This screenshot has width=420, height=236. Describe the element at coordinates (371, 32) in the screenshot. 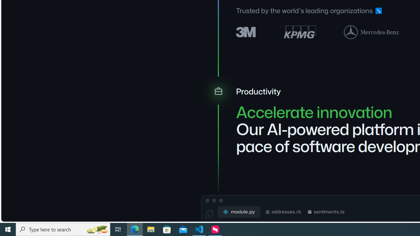

I see `'Mercedes-Benz logo'` at that location.